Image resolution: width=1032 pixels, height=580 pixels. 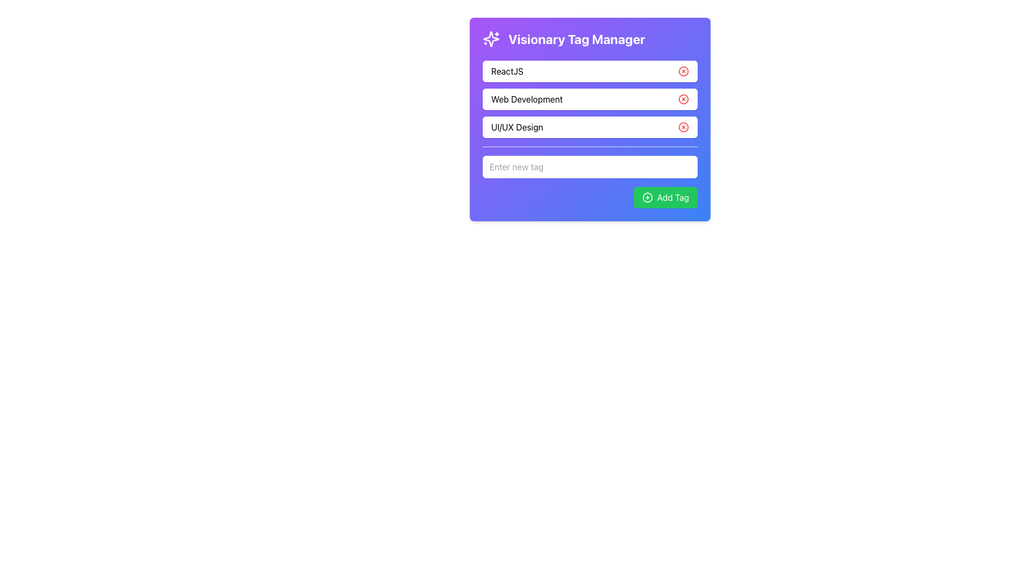 I want to click on the circular graphic element within the SVG icon on the right side of the 'ReactJS' text input field, so click(x=683, y=70).